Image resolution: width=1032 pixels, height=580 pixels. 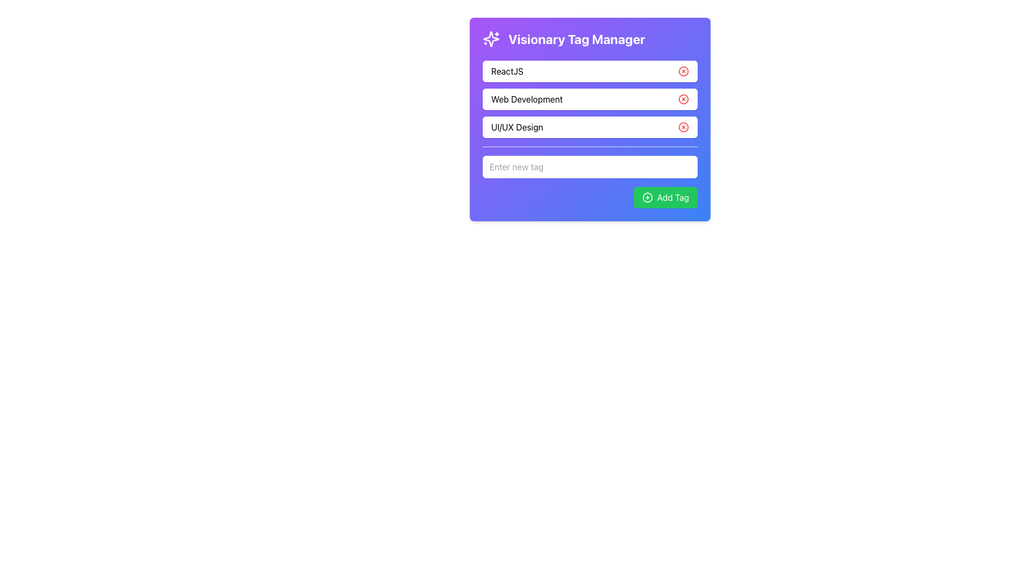 I want to click on the circular graphic element within the SVG icon on the right side of the 'ReactJS' text input field, so click(x=683, y=70).